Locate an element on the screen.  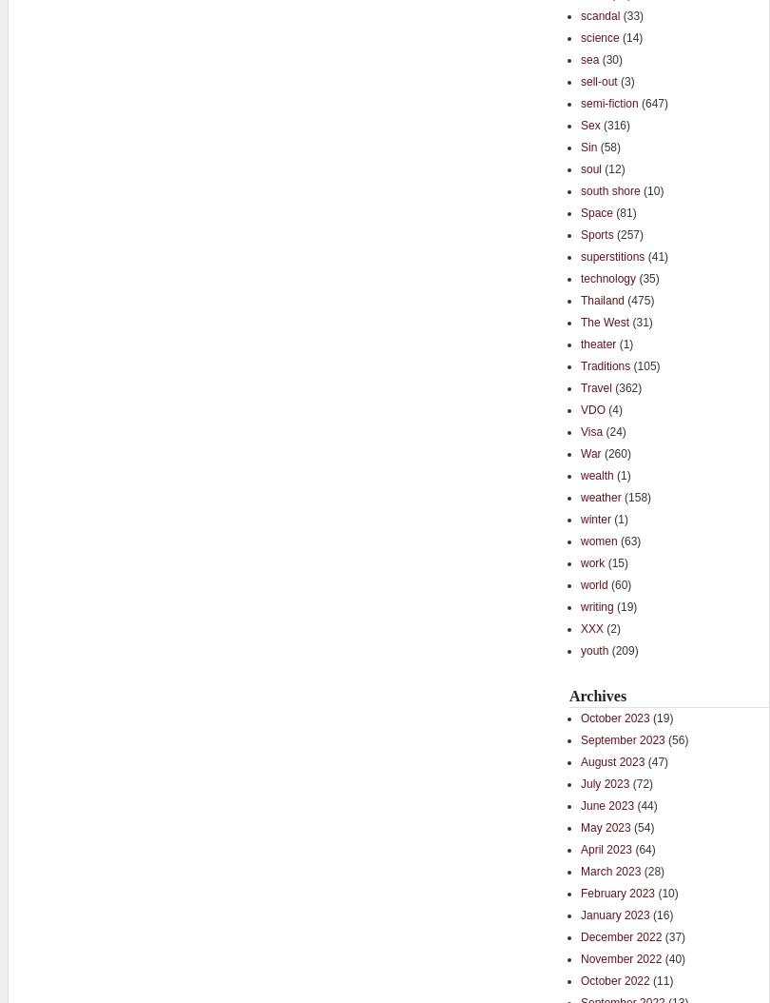
'sell-out' is located at coordinates (579, 79).